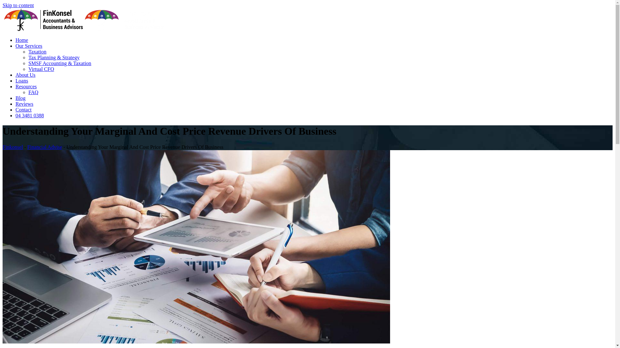  What do you see at coordinates (29, 115) in the screenshot?
I see `'04 3481 0388'` at bounding box center [29, 115].